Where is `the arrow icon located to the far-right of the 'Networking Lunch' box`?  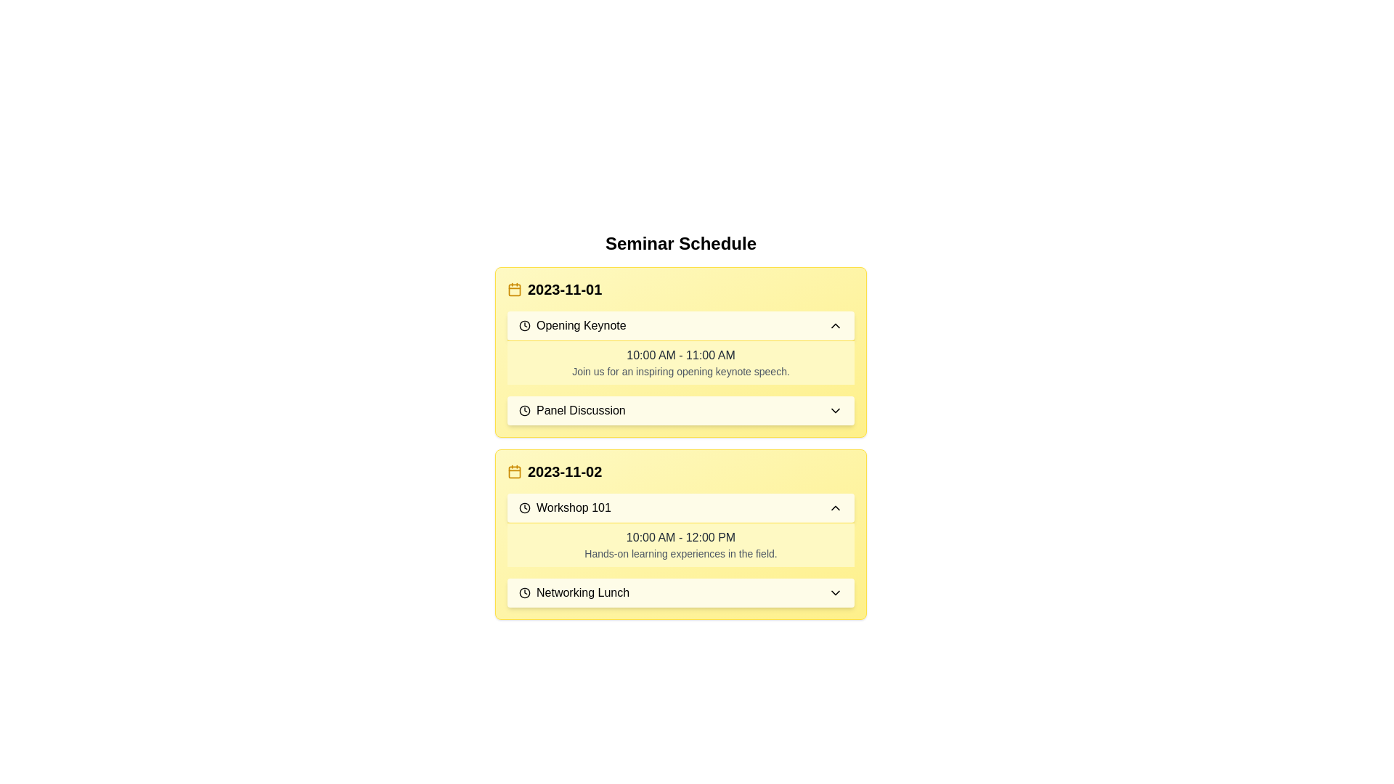 the arrow icon located to the far-right of the 'Networking Lunch' box is located at coordinates (836, 593).